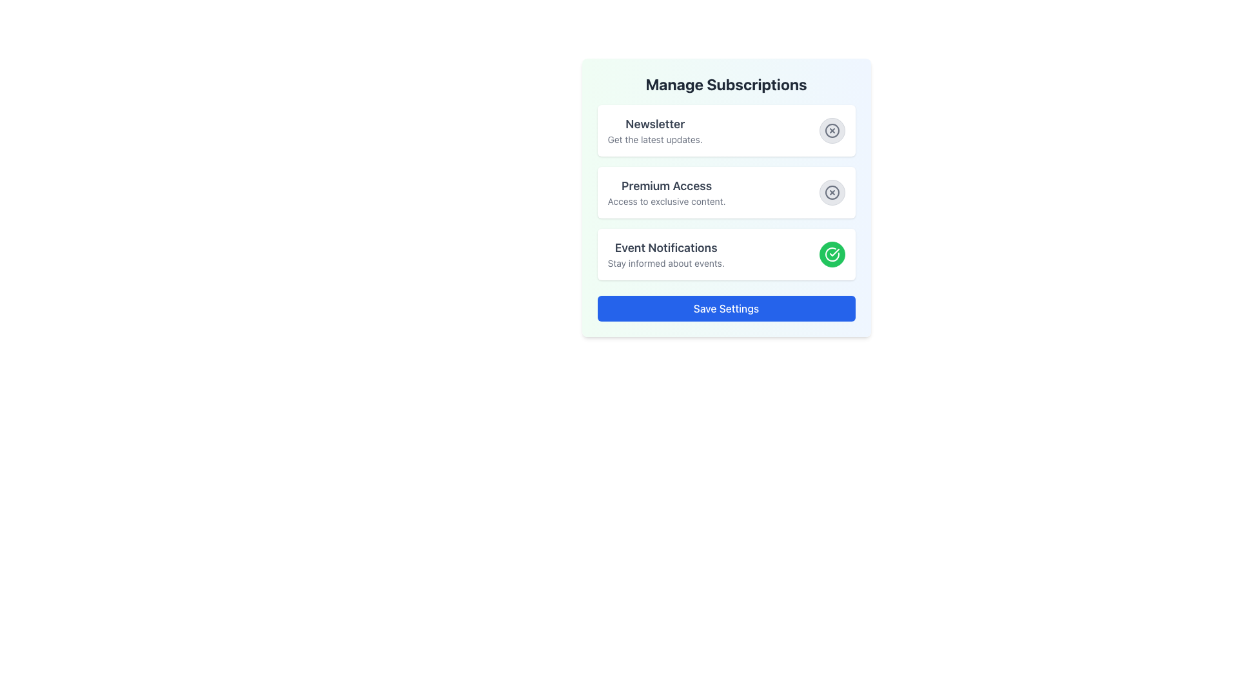 This screenshot has width=1238, height=696. I want to click on the small circled 'X' icon button rendered in light gray color, located in the topmost row of the subscription management card, aligned to the right of the 'Newsletter' label, so click(832, 131).